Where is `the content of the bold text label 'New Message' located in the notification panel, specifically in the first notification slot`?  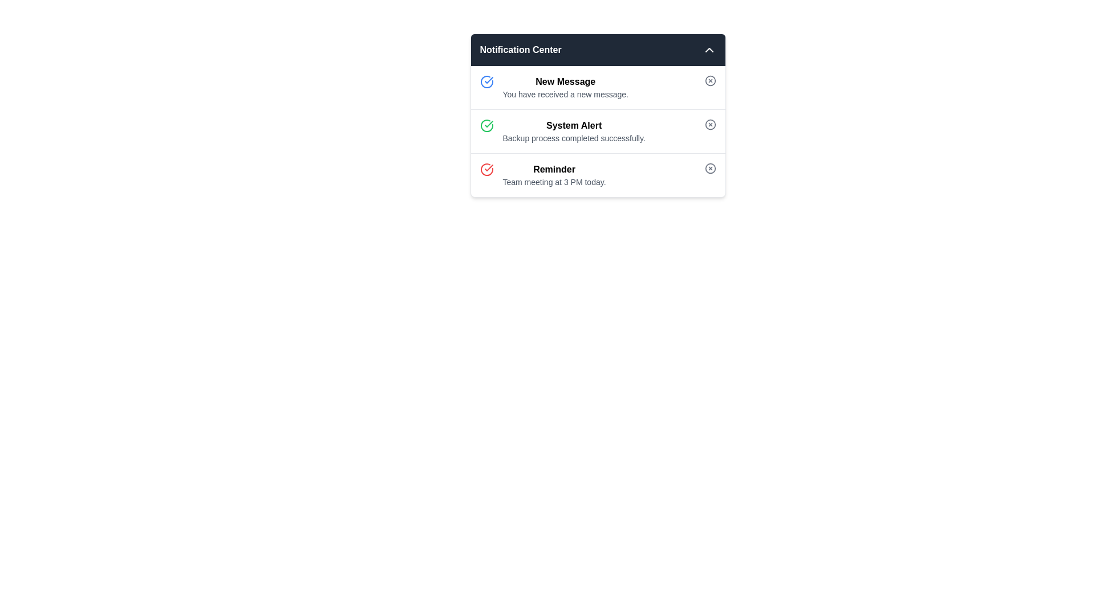
the content of the bold text label 'New Message' located in the notification panel, specifically in the first notification slot is located at coordinates (565, 81).